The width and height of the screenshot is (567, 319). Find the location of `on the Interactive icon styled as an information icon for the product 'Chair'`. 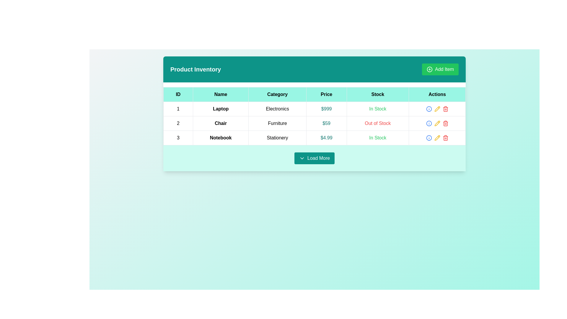

on the Interactive icon styled as an information icon for the product 'Chair' is located at coordinates (429, 109).